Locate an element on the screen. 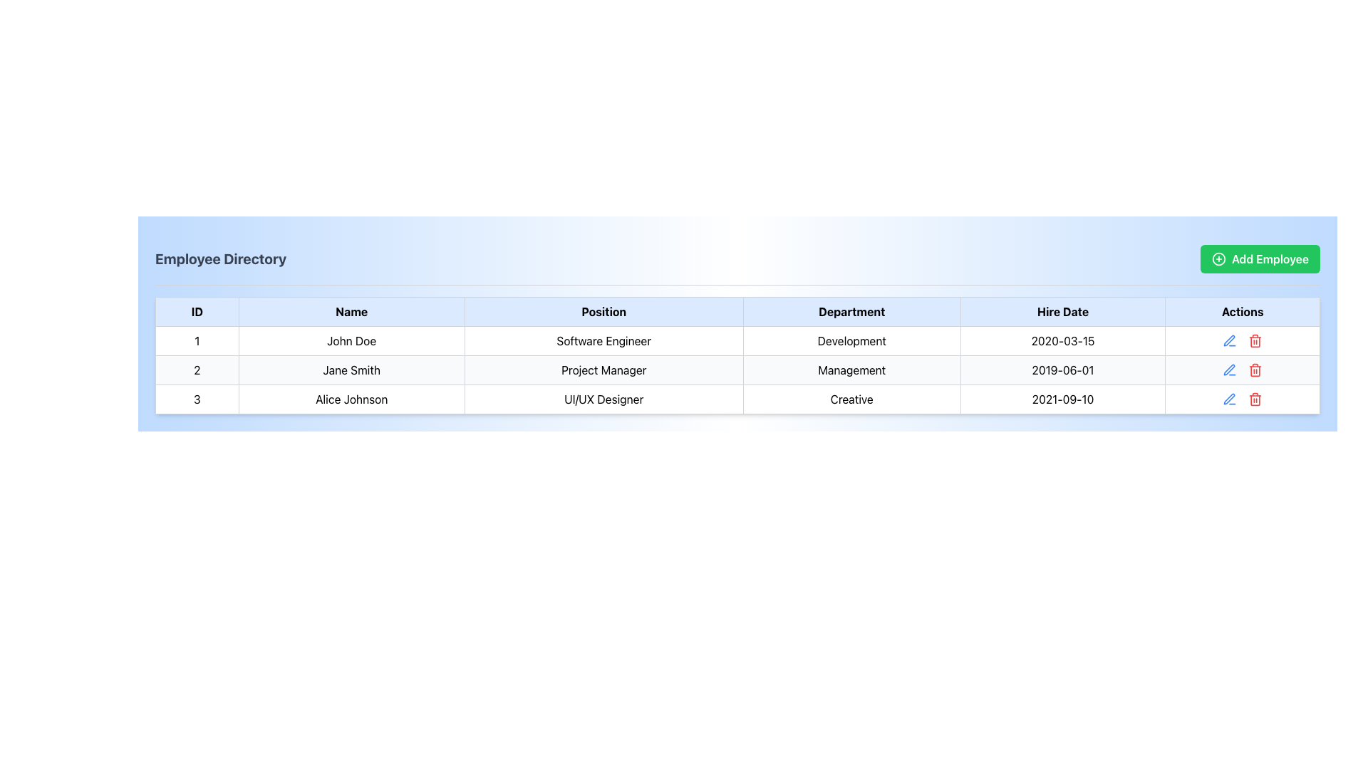  the blue pen icon in the 'Actions' column of the second row of the table is located at coordinates (1229, 370).